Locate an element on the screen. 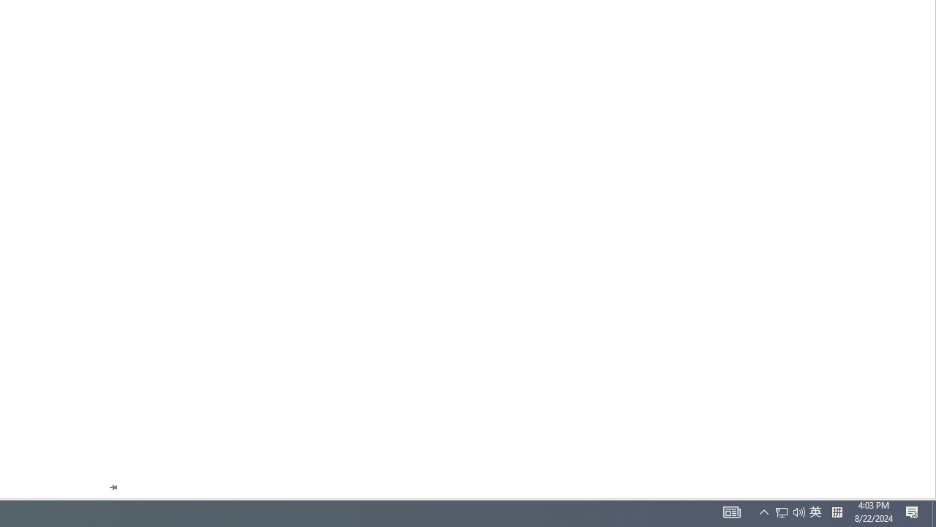 Image resolution: width=936 pixels, height=527 pixels. 'Pin the Dock (Windows logo key+Shift+I)' is located at coordinates (112, 487).